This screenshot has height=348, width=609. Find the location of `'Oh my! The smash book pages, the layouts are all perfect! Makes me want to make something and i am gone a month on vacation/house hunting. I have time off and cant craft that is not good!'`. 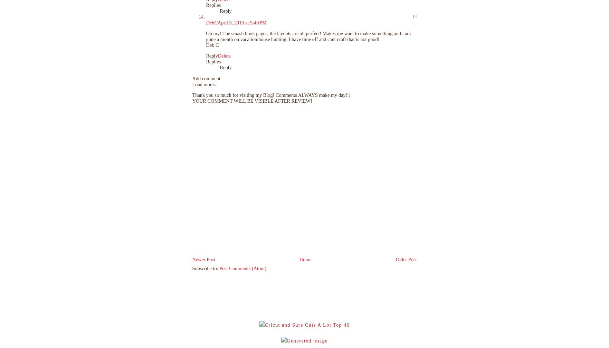

'Oh my! The smash book pages, the layouts are all perfect! Makes me want to make something and i am gone a month on vacation/house hunting. I have time off and cant craft that is not good!' is located at coordinates (308, 36).